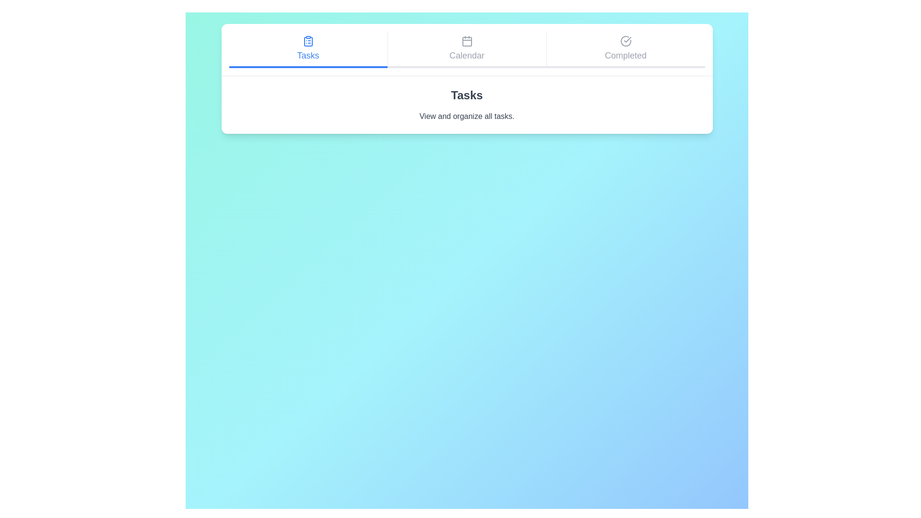  Describe the element at coordinates (308, 50) in the screenshot. I see `the Tasks tab by clicking on it` at that location.